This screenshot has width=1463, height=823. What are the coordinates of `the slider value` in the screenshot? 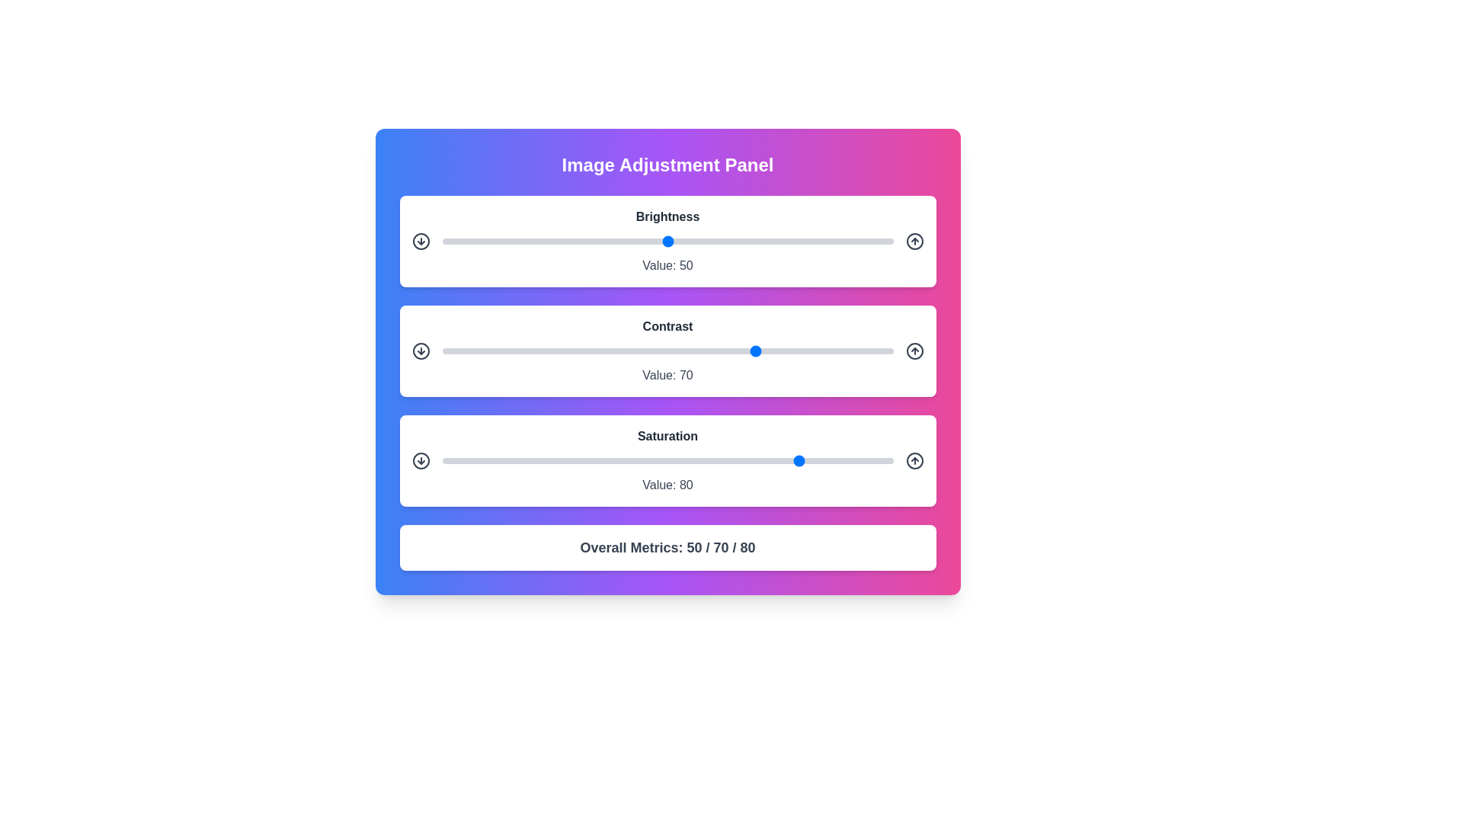 It's located at (807, 460).